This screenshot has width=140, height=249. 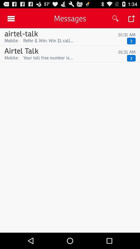 I want to click on app below the 01:31 am, so click(x=74, y=40).